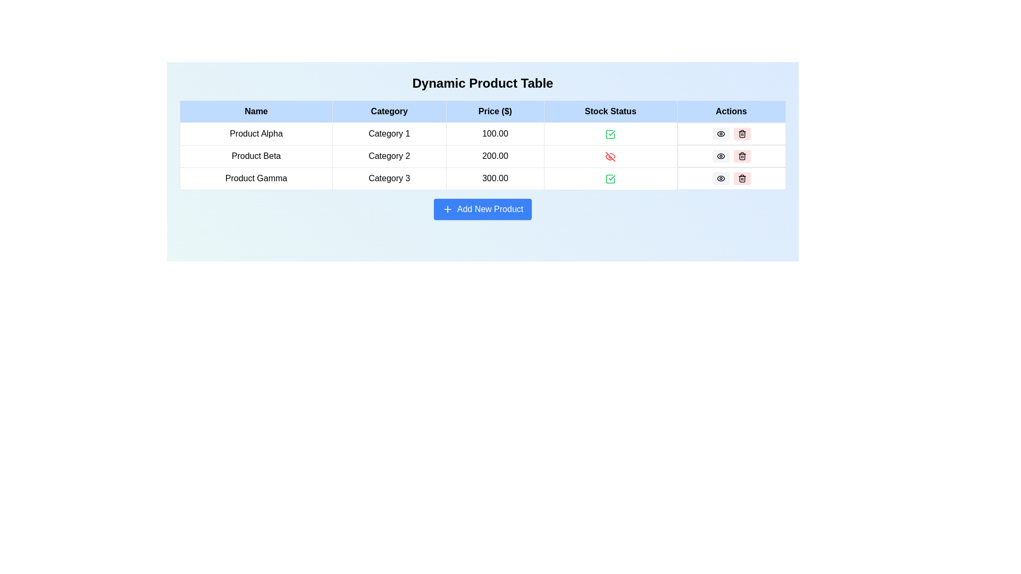 The width and height of the screenshot is (1021, 574). I want to click on the bold text header labeled 'Dynamic Product Table', which is located at the topmost section above the product table, so click(482, 83).